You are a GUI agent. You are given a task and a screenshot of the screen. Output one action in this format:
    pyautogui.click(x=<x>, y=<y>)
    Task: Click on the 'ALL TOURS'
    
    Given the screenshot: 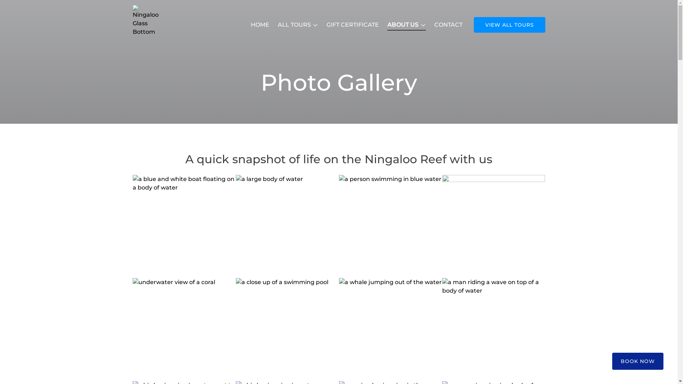 What is the action you would take?
    pyautogui.click(x=298, y=24)
    